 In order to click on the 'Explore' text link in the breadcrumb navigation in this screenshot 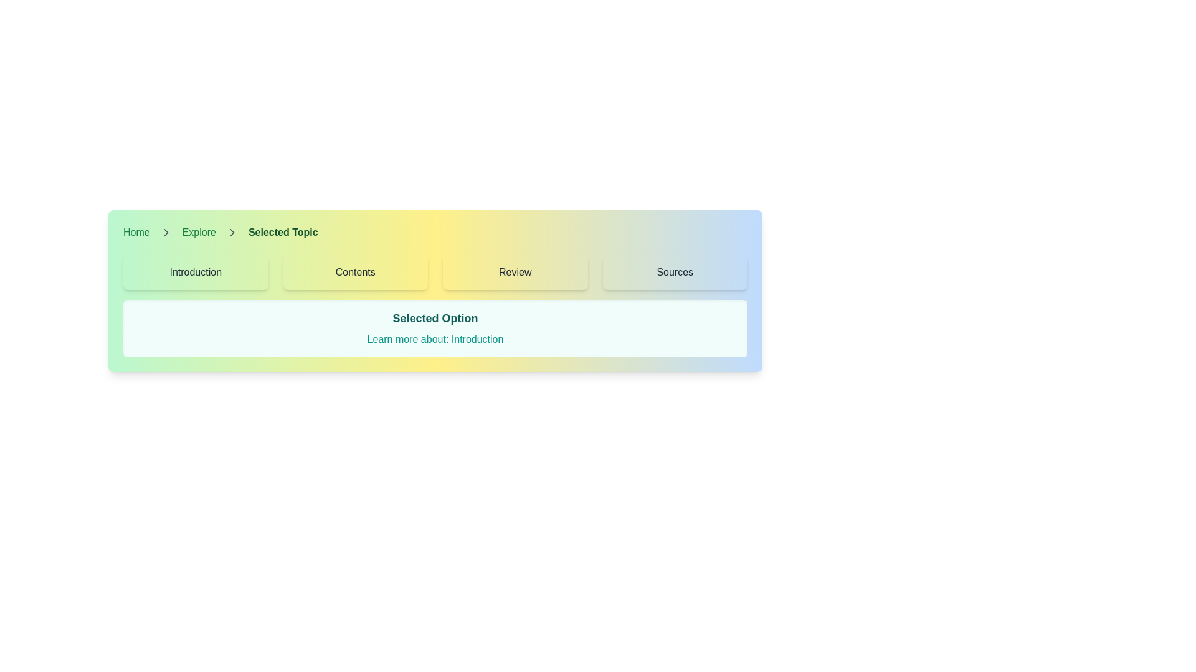, I will do `click(198, 233)`.